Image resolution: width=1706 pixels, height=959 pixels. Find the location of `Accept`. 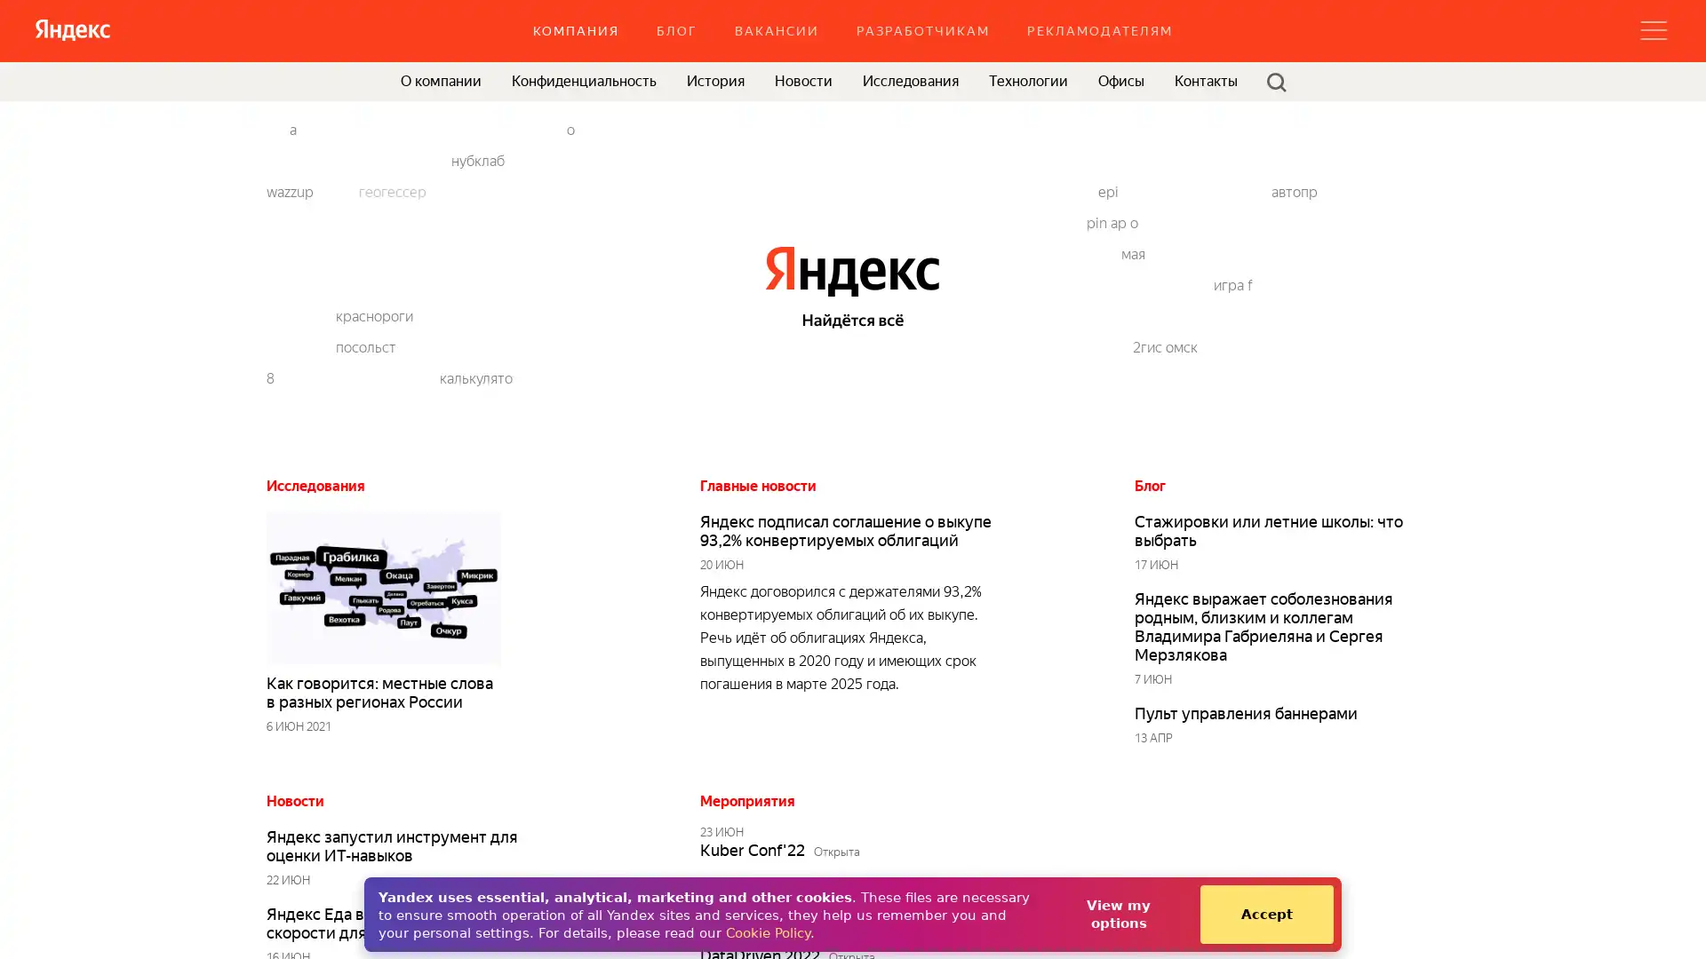

Accept is located at coordinates (1265, 914).